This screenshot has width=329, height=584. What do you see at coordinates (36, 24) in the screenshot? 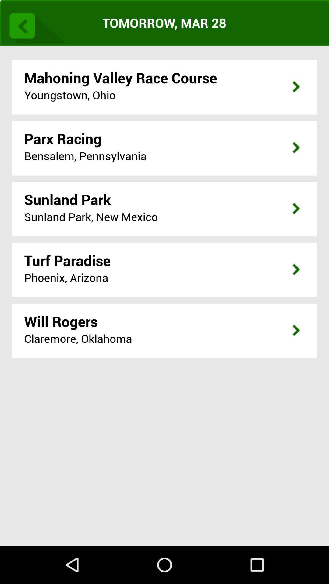
I see `the icon at the top left corner` at bounding box center [36, 24].